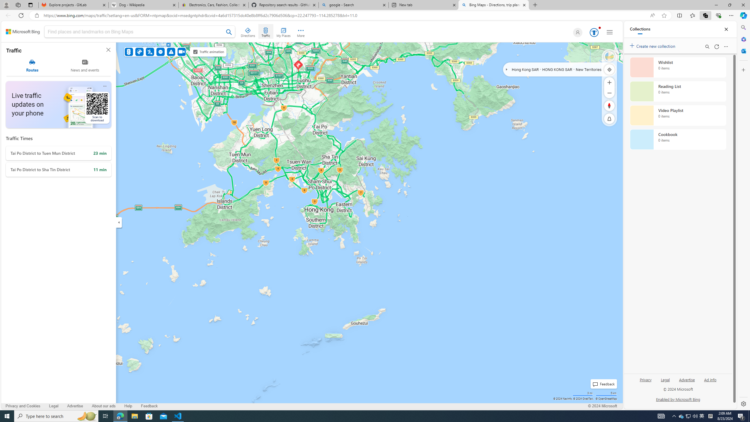  I want to click on 'Select Style', so click(609, 56).